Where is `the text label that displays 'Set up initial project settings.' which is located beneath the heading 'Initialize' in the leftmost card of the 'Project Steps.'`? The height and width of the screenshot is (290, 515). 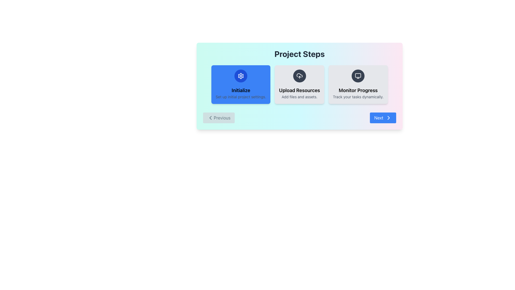 the text label that displays 'Set up initial project settings.' which is located beneath the heading 'Initialize' in the leftmost card of the 'Project Steps.' is located at coordinates (241, 97).